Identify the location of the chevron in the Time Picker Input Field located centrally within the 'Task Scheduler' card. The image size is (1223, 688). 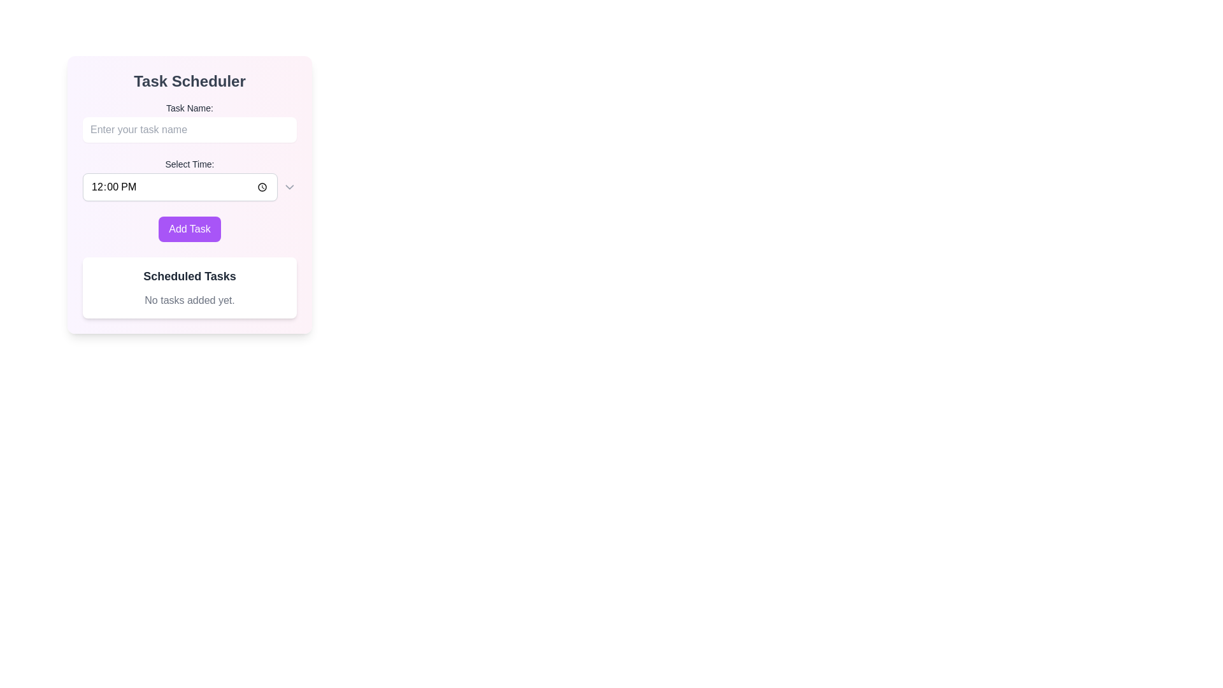
(189, 187).